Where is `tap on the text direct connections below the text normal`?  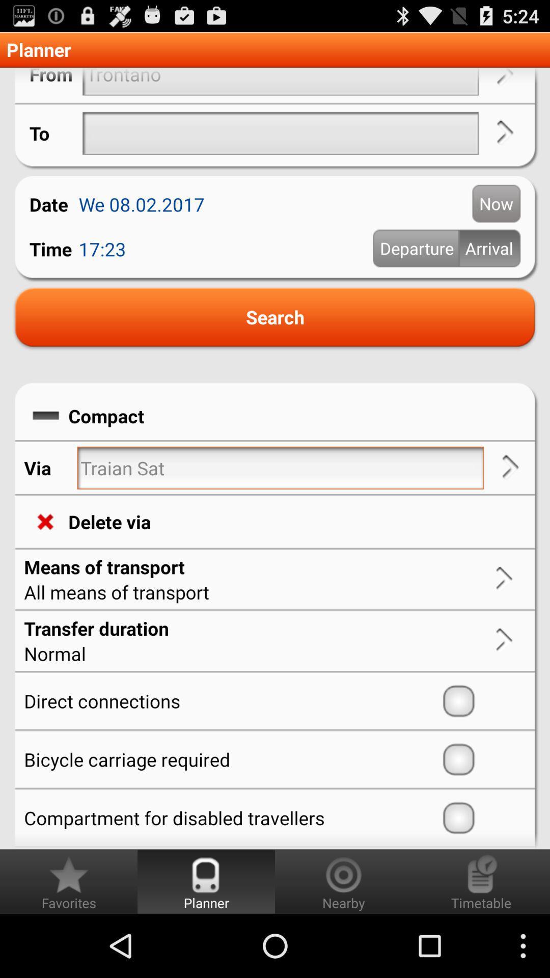
tap on the text direct connections below the text normal is located at coordinates (230, 700).